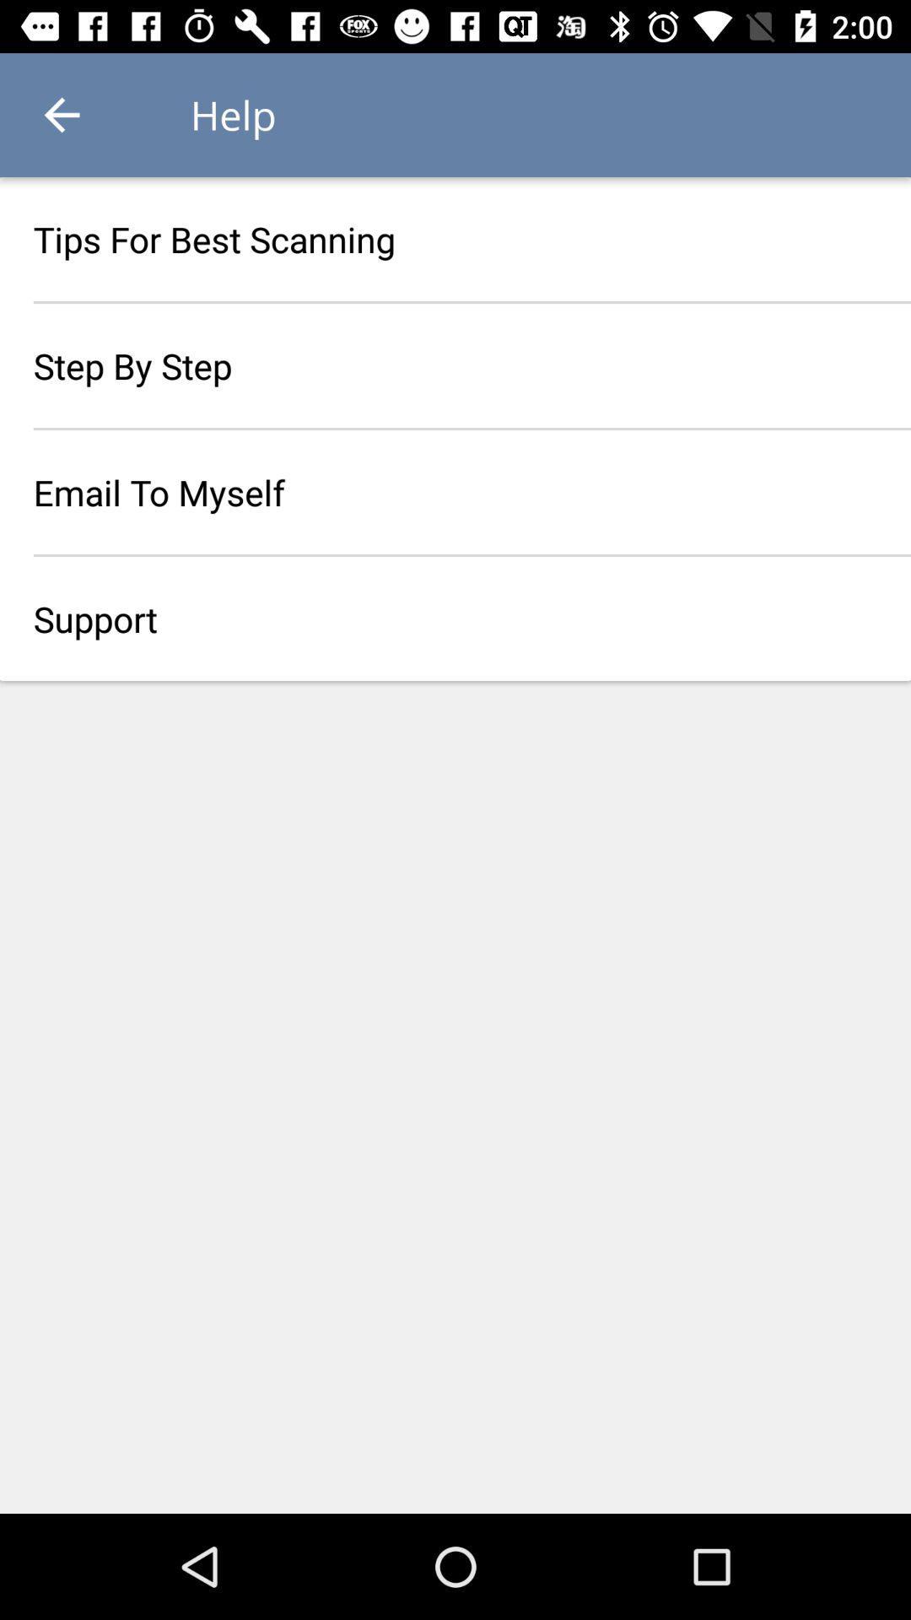  What do you see at coordinates (455, 364) in the screenshot?
I see `item below the tips for best` at bounding box center [455, 364].